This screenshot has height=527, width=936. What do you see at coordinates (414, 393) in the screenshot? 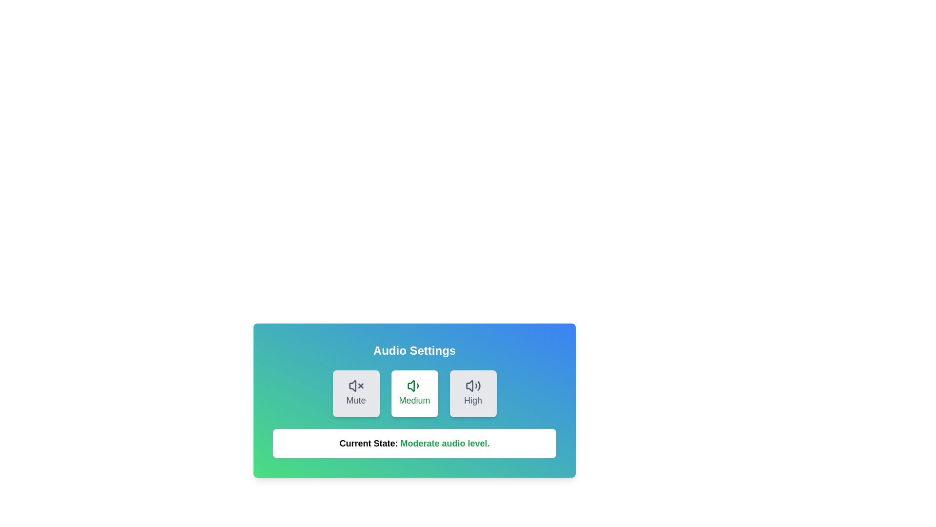
I see `the button corresponding to Medium` at bounding box center [414, 393].